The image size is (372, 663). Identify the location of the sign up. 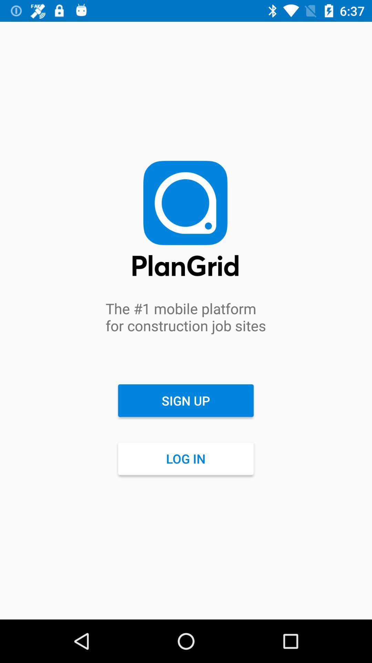
(185, 401).